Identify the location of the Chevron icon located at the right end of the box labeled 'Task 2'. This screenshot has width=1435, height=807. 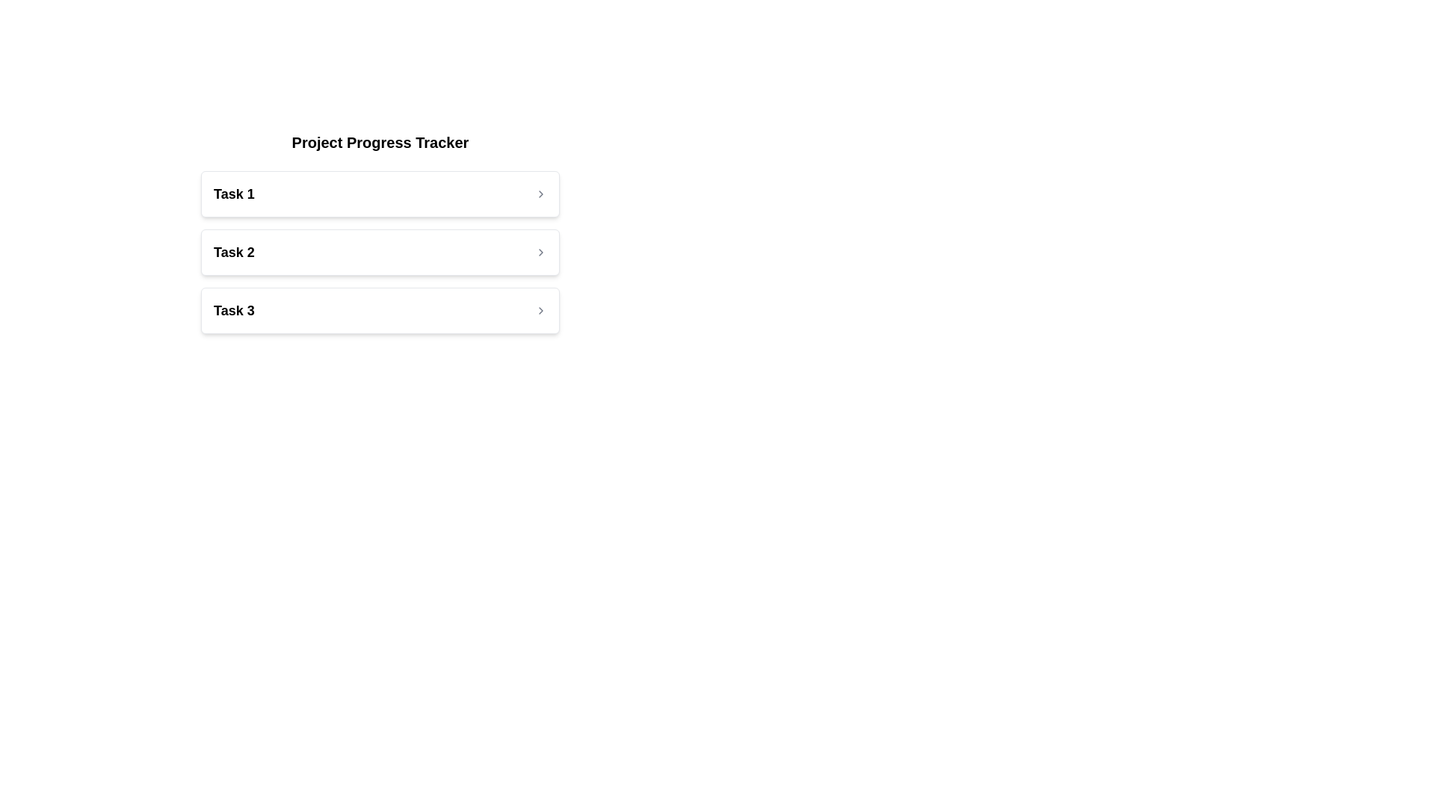
(540, 252).